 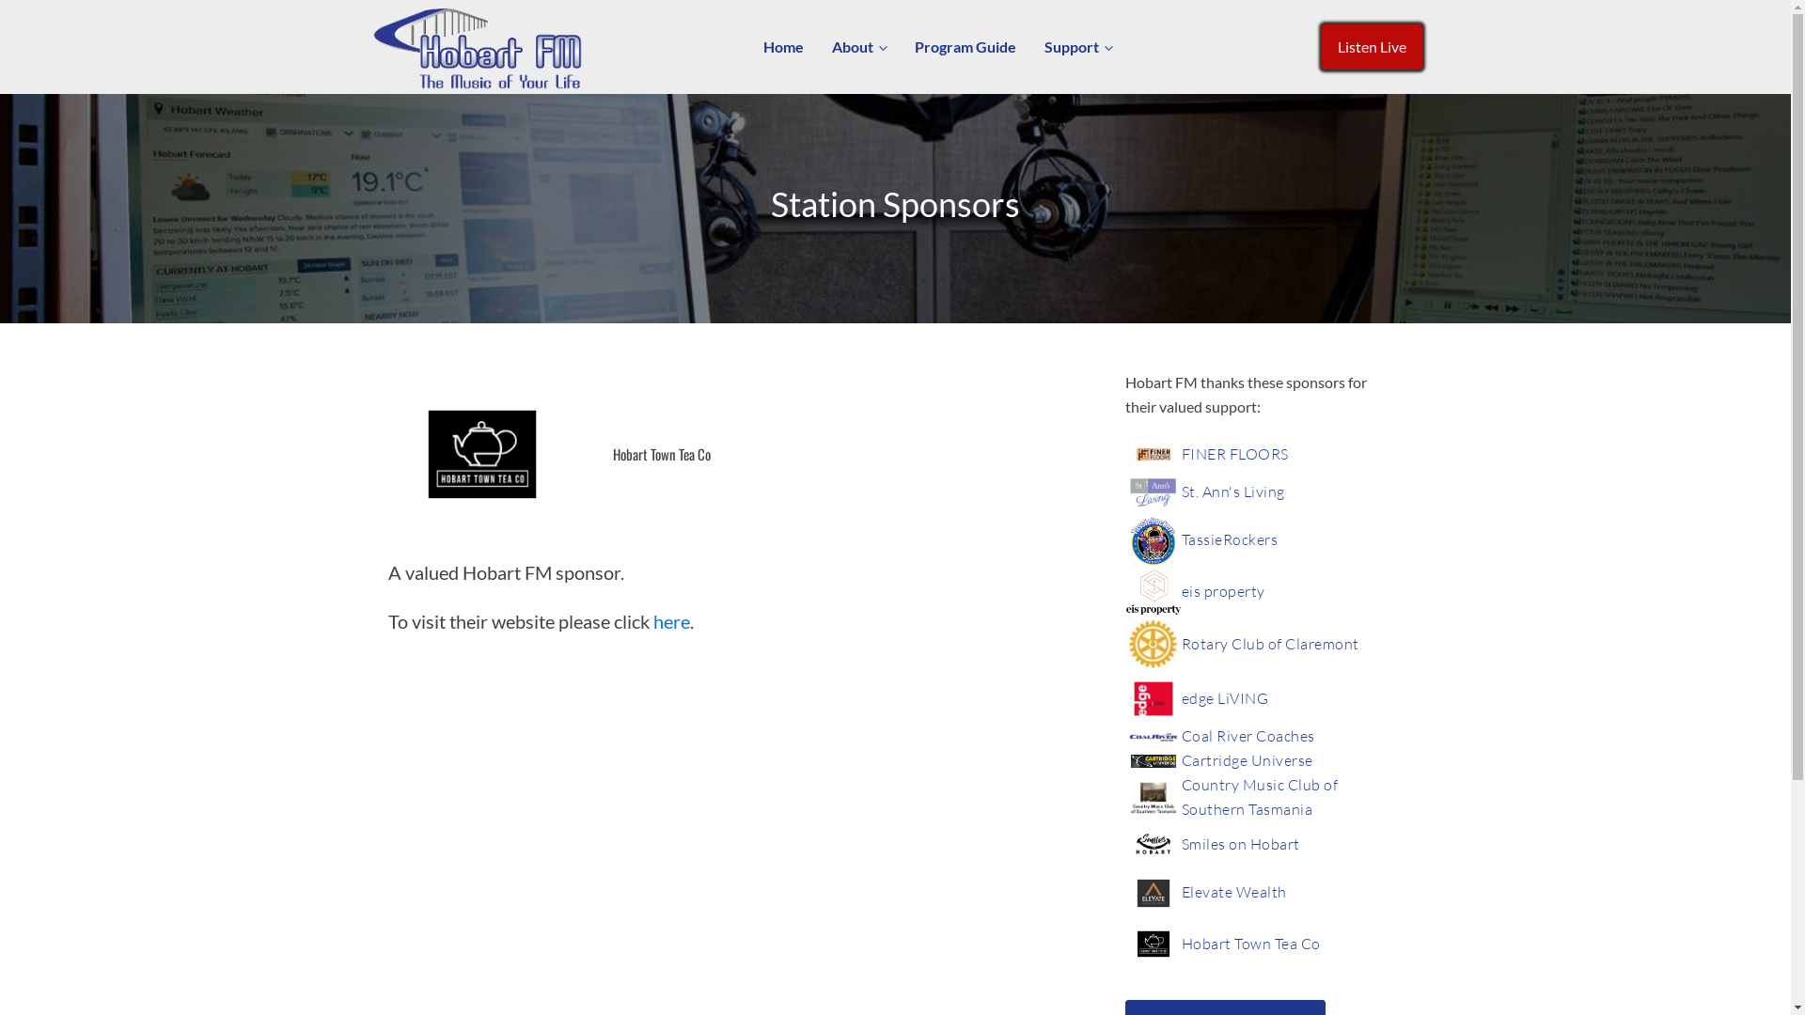 I want to click on 'Smiles on Hobart', so click(x=1240, y=843).